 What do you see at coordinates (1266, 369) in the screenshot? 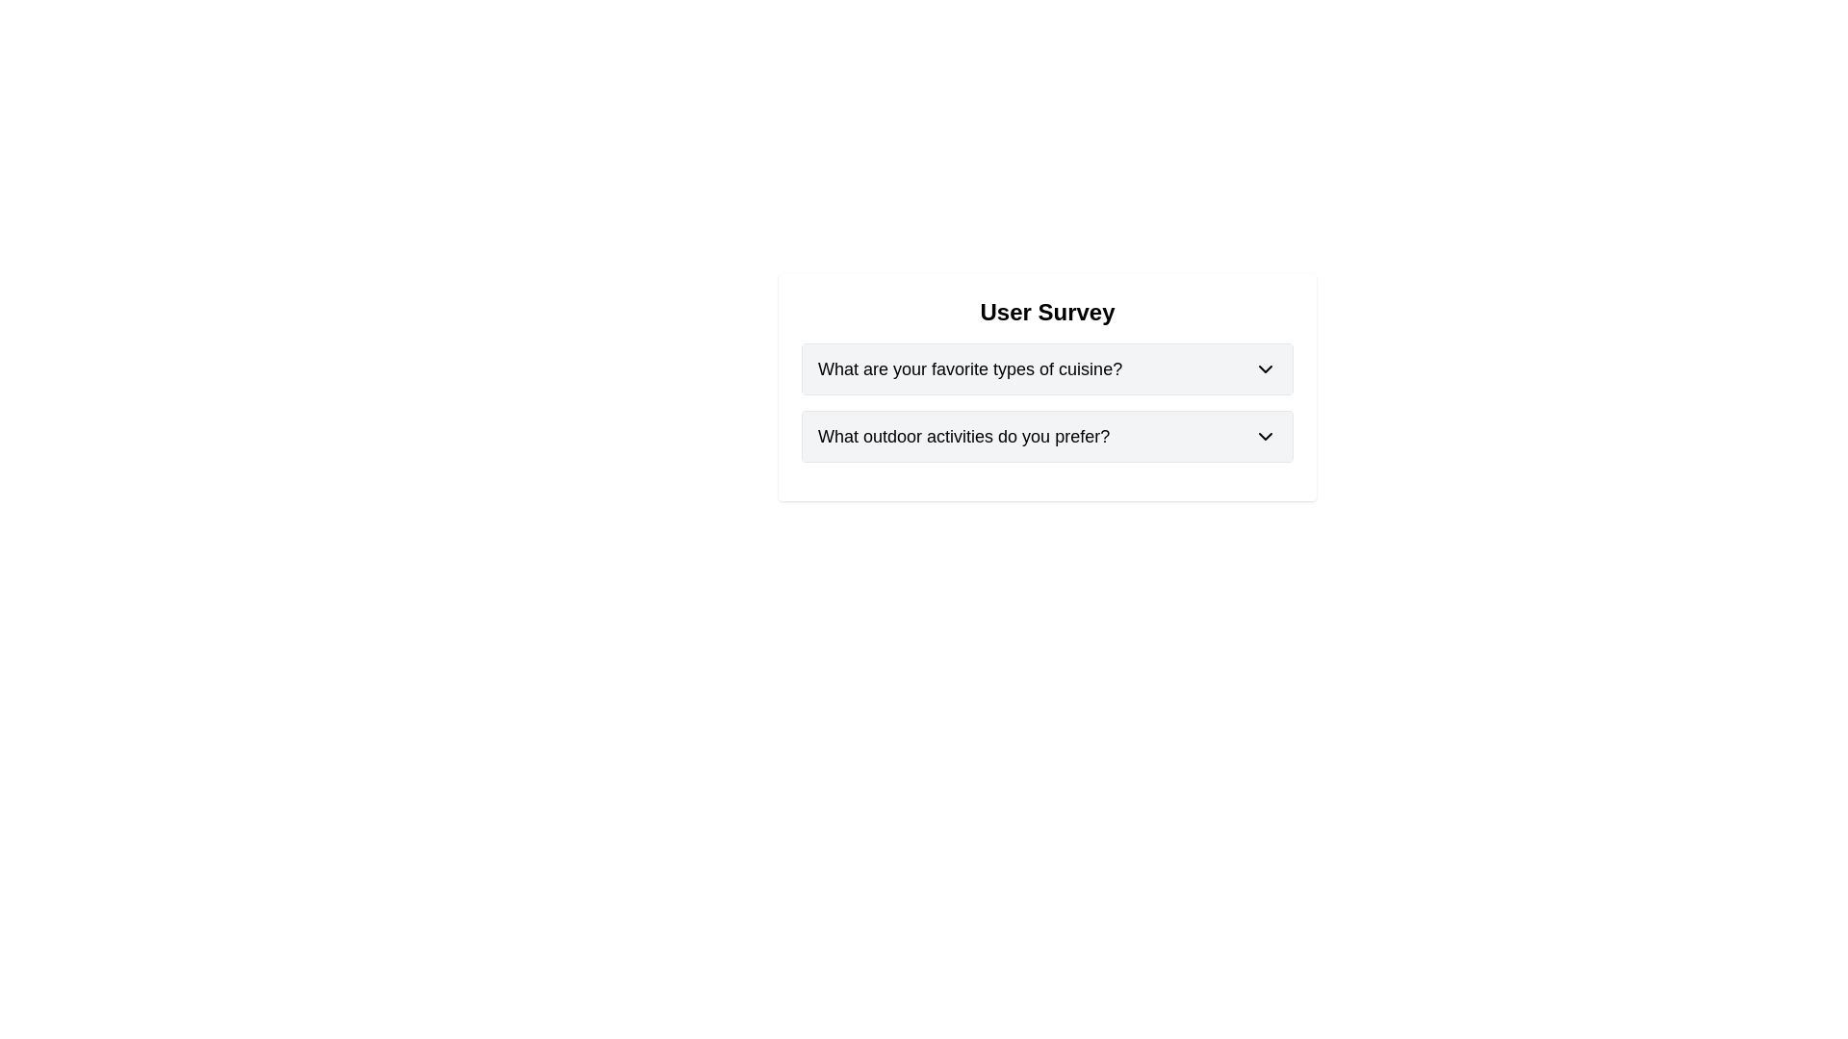
I see `the chevron icon indicating a dropdown menu, located to the right of the text 'What are your favorite types of cuisine?'` at bounding box center [1266, 369].